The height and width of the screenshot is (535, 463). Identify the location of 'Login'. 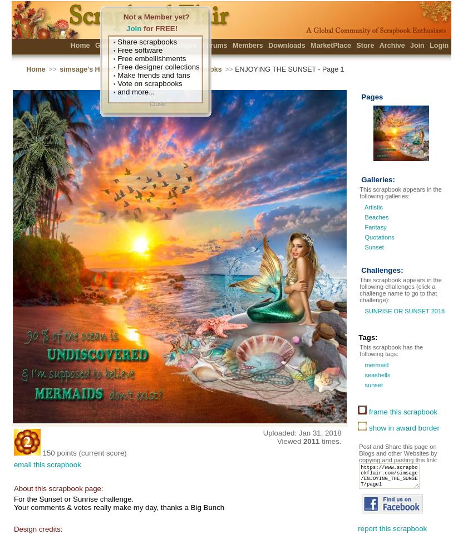
(438, 46).